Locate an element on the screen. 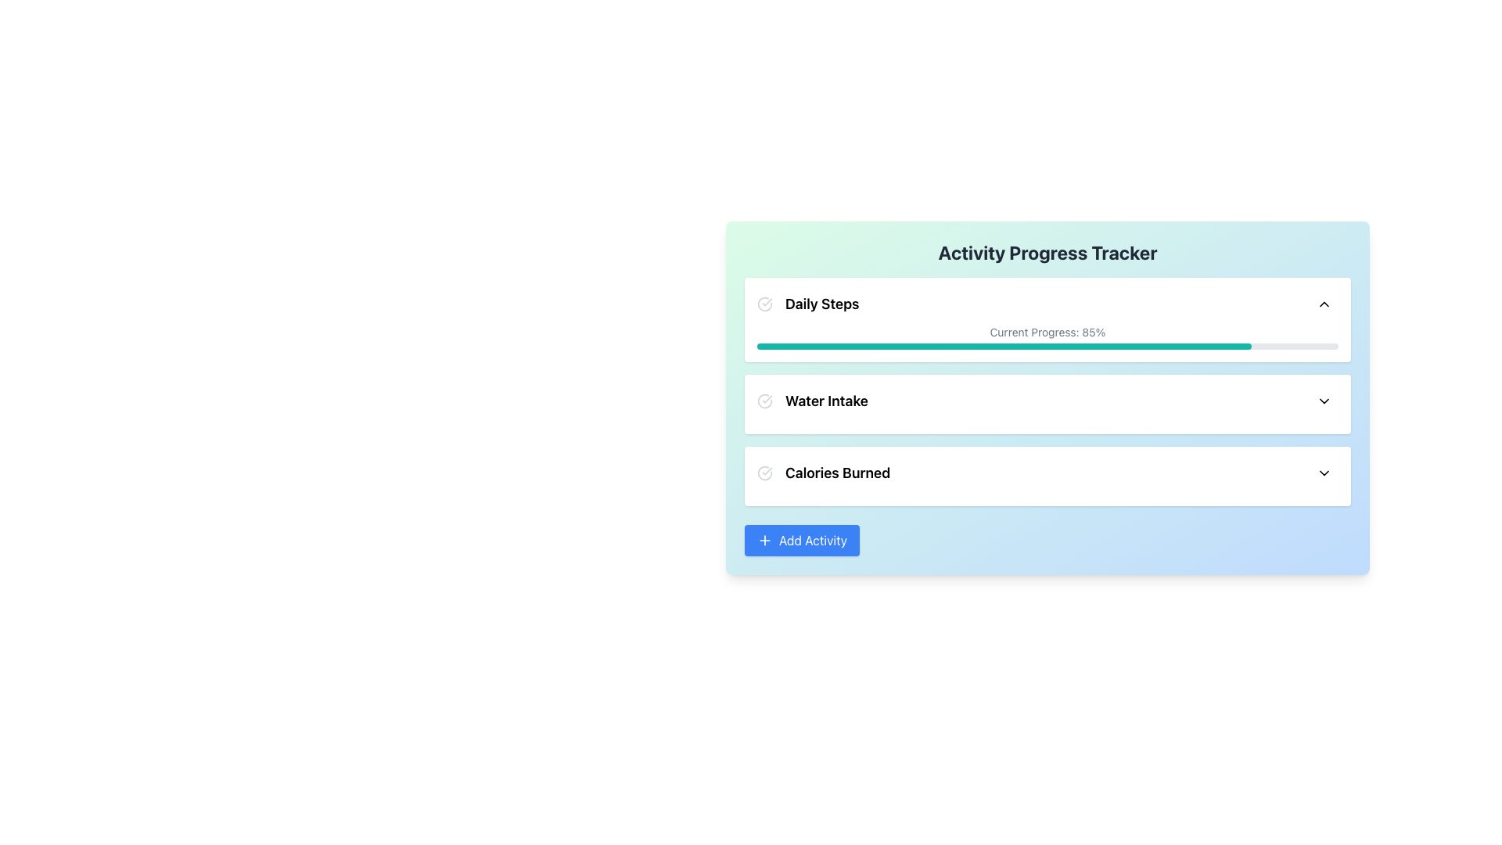 The image size is (1502, 845). the circular SVG icon representing an incomplete checkmark within the 'Daily Steps' activity card is located at coordinates (765, 304).